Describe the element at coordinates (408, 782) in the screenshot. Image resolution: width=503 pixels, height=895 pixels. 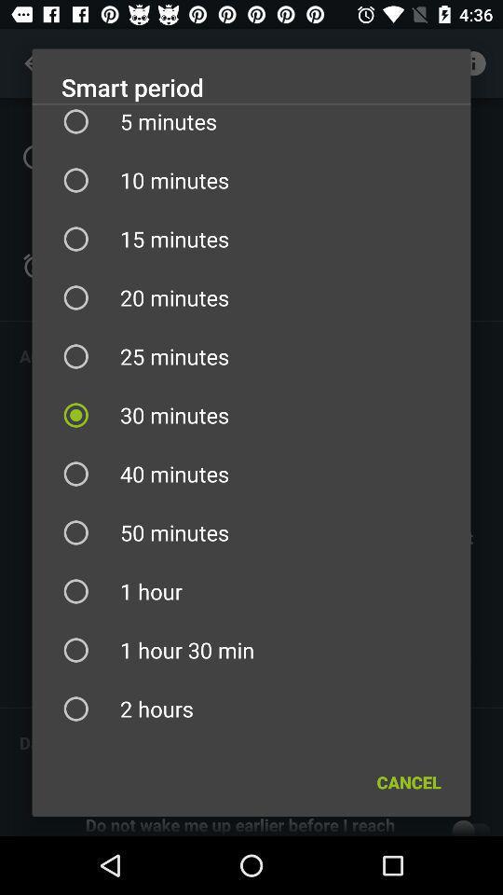
I see `the icon below 2 hours` at that location.